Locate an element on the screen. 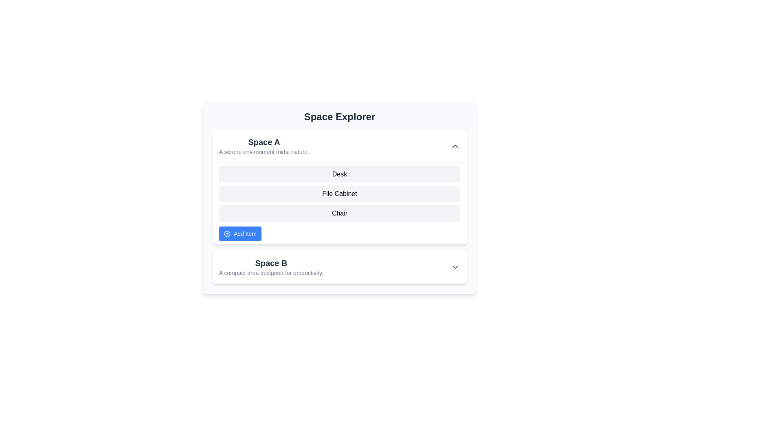  the static text block reading 'Chair', located in the 'Space A' section, which is the third item in a vertically arranged list, between 'File Cabinet' and the blue button 'Add Item' is located at coordinates (340, 213).